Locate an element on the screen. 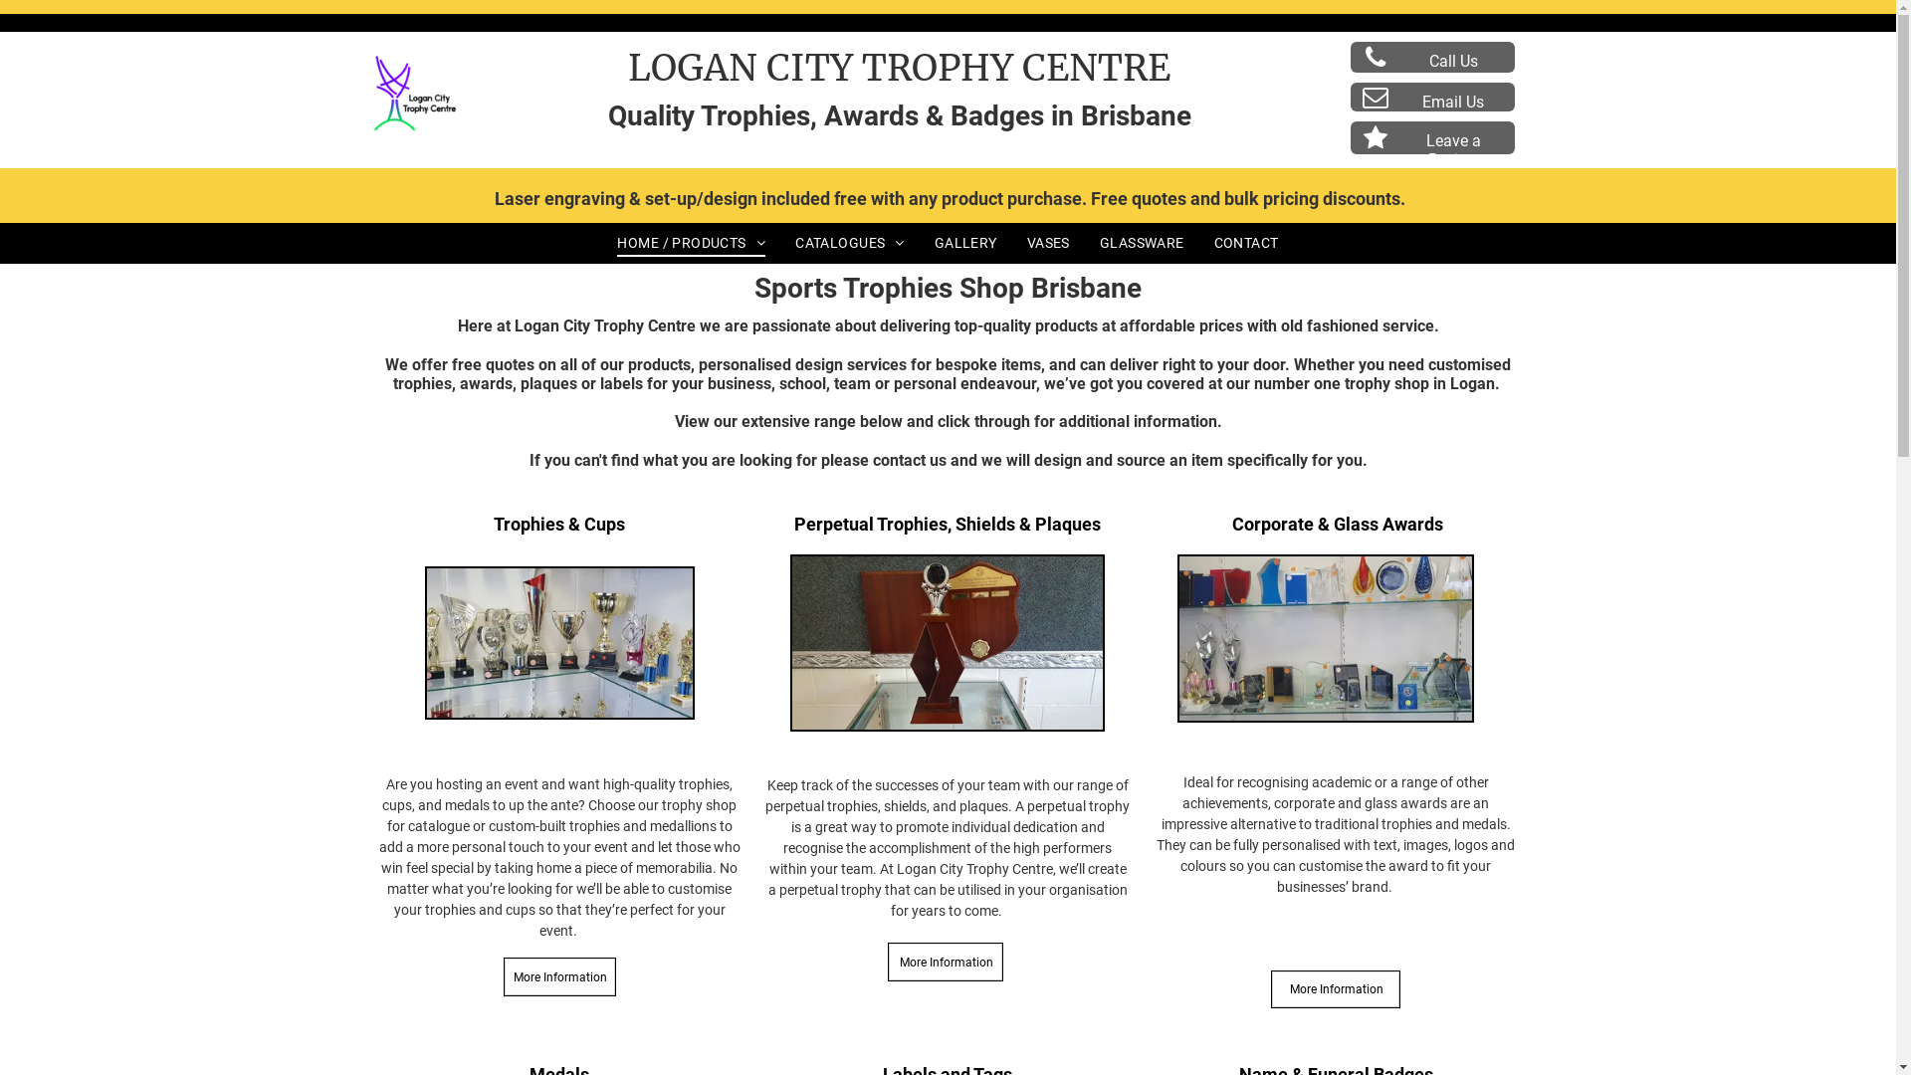  'CONTACT' is located at coordinates (1245, 241).